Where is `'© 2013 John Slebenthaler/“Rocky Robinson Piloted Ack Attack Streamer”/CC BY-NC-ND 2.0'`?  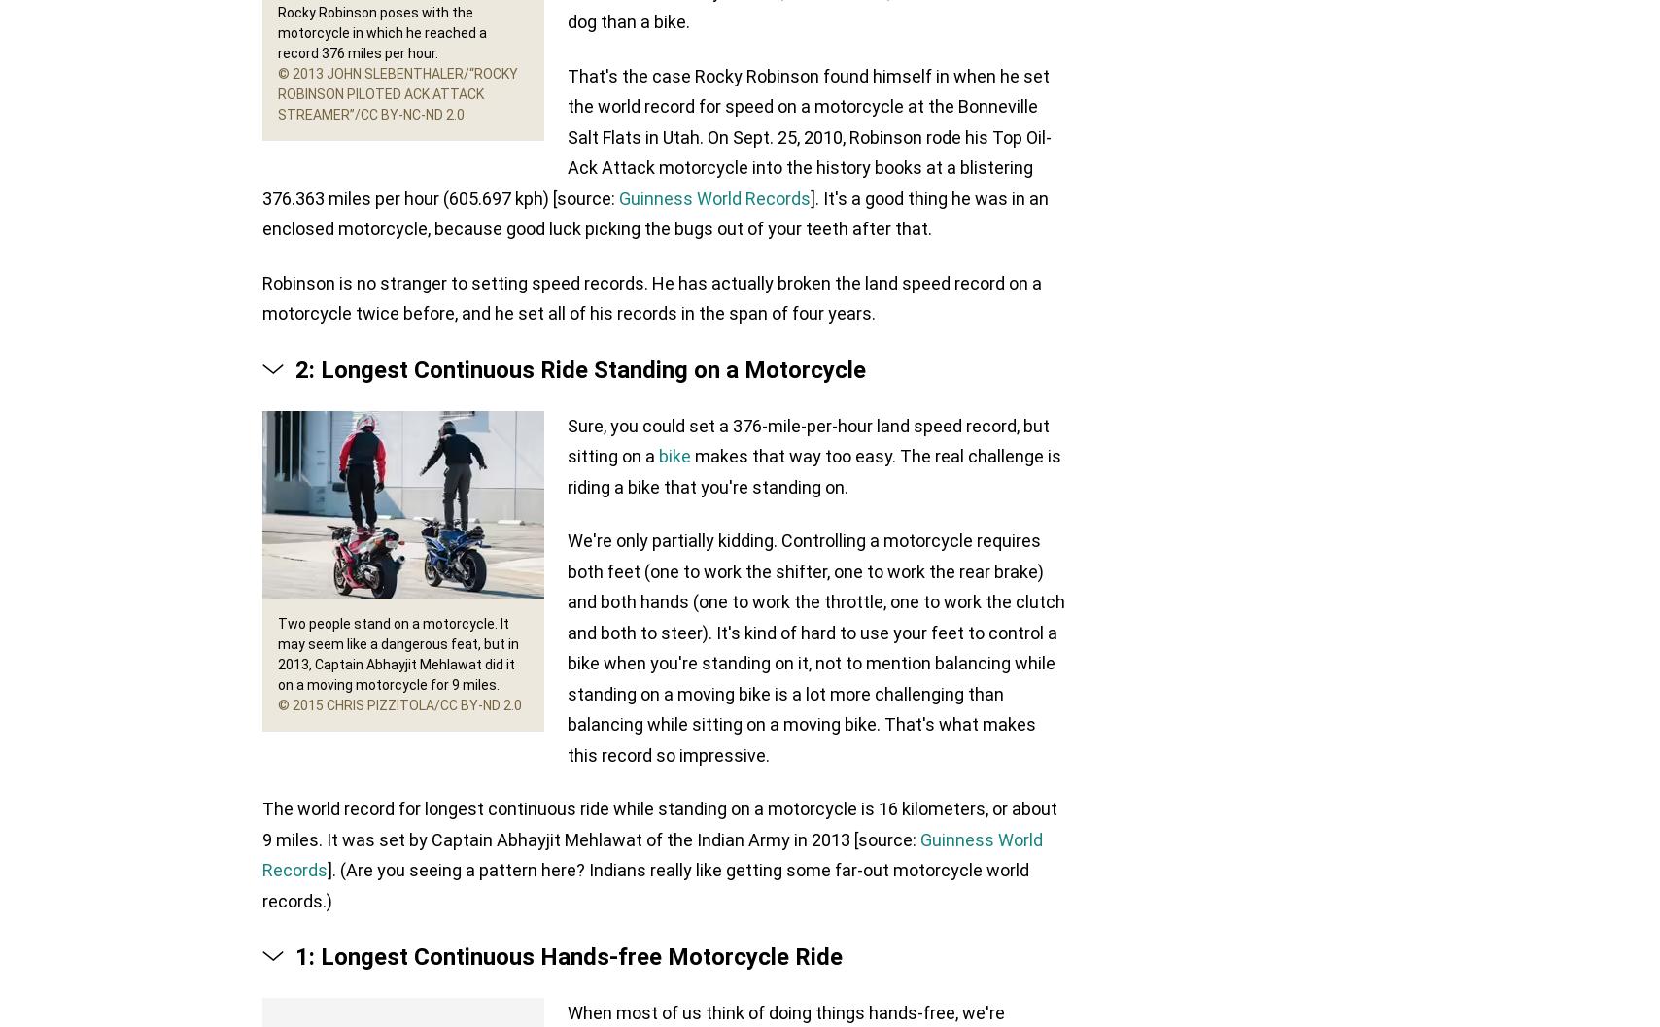 '© 2013 John Slebenthaler/“Rocky Robinson Piloted Ack Attack Streamer”/CC BY-NC-ND 2.0' is located at coordinates (398, 93).